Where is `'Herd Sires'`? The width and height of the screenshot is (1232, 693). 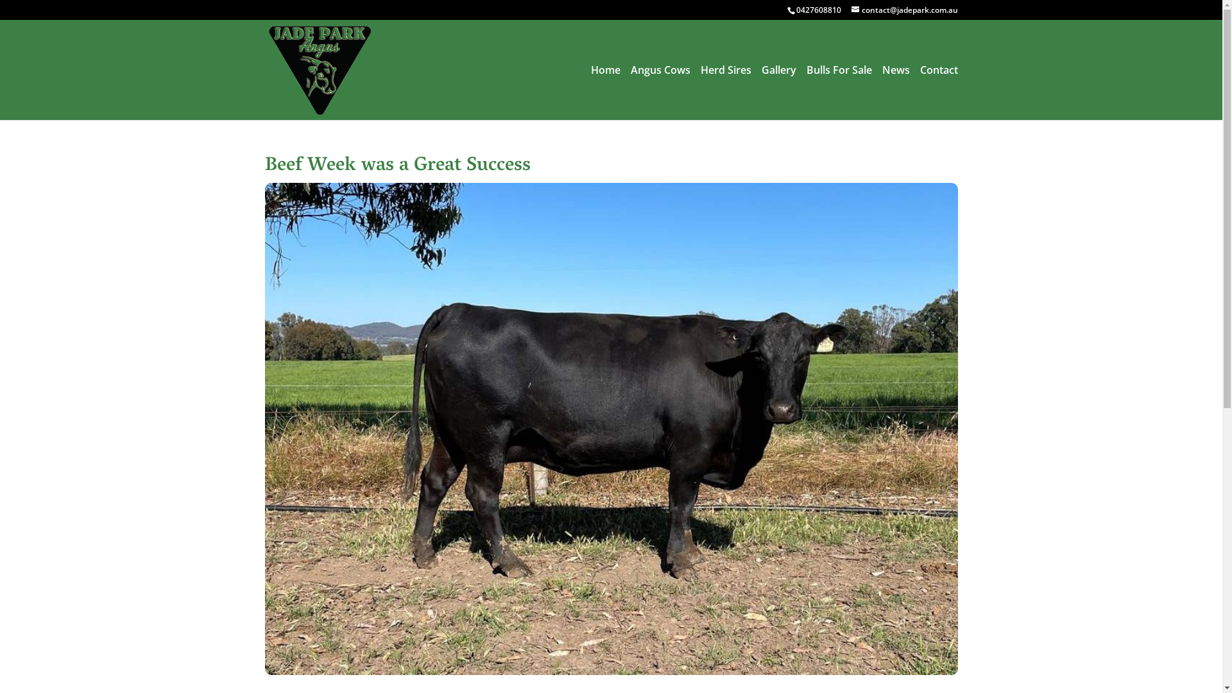 'Herd Sires' is located at coordinates (726, 92).